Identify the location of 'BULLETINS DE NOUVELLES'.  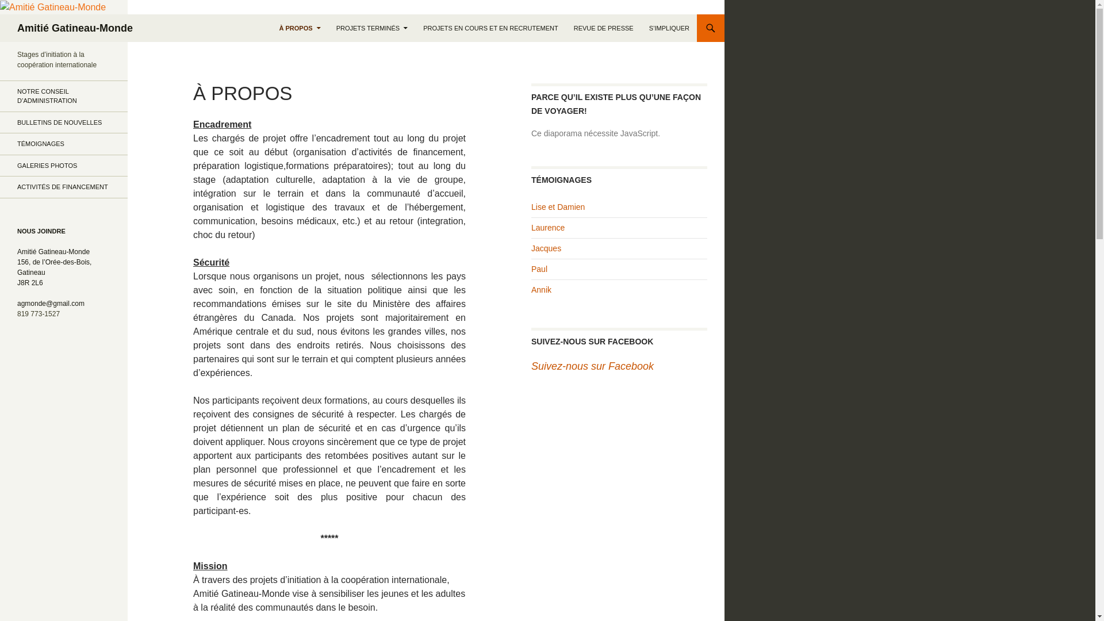
(63, 122).